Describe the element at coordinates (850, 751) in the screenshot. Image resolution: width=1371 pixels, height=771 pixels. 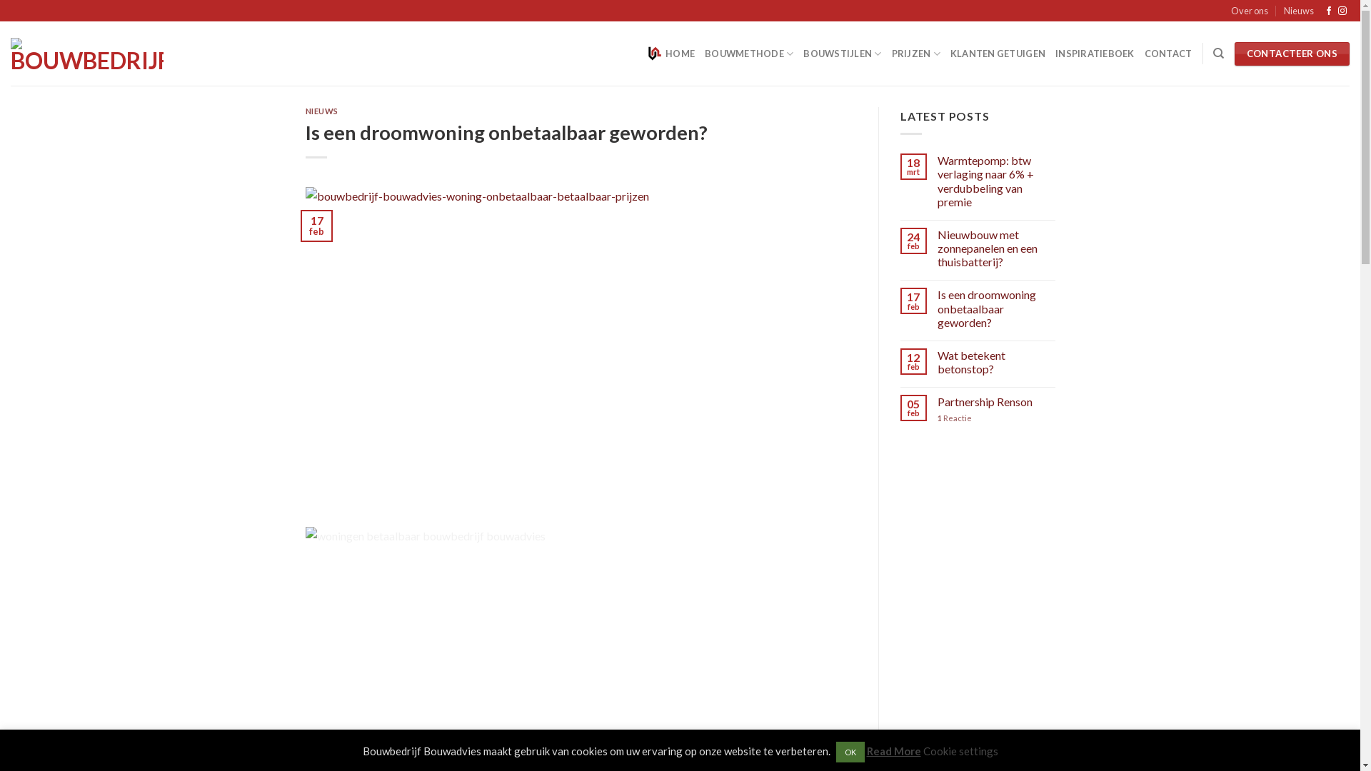
I see `'OK'` at that location.